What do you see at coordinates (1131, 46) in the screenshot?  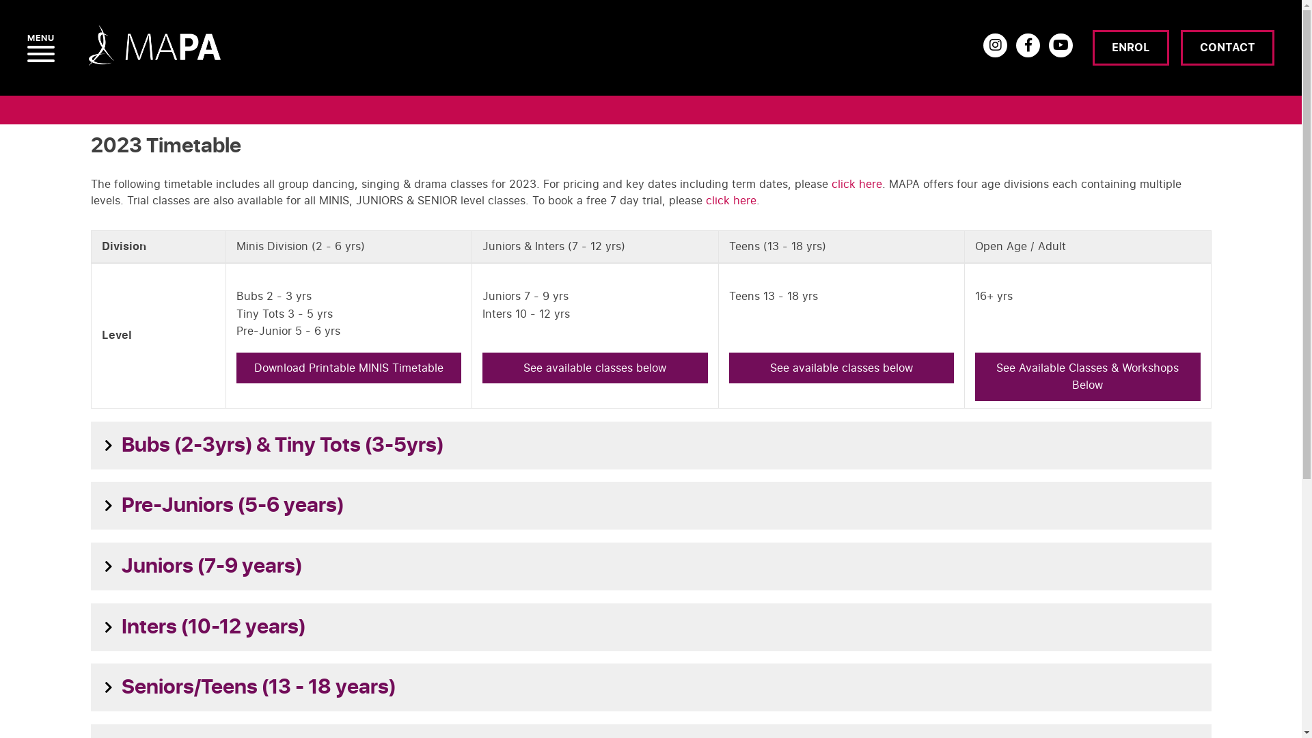 I see `'ENROL'` at bounding box center [1131, 46].